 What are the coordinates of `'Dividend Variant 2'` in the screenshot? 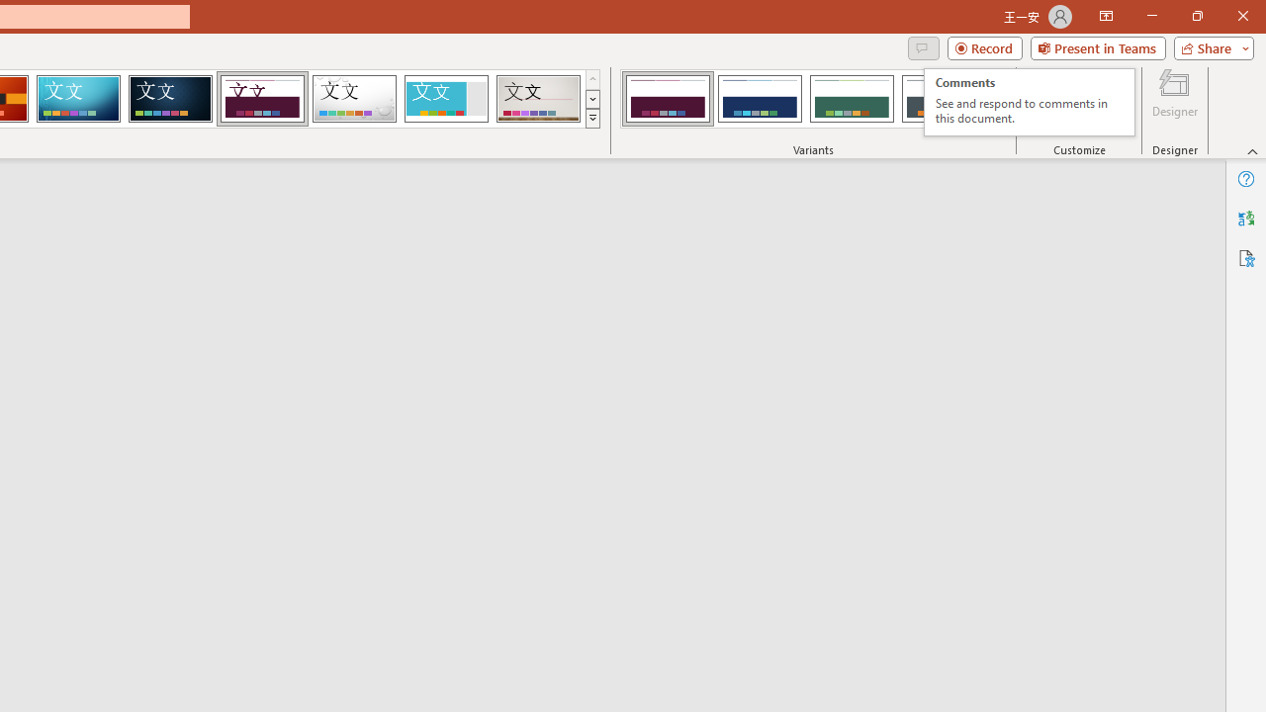 It's located at (759, 99).